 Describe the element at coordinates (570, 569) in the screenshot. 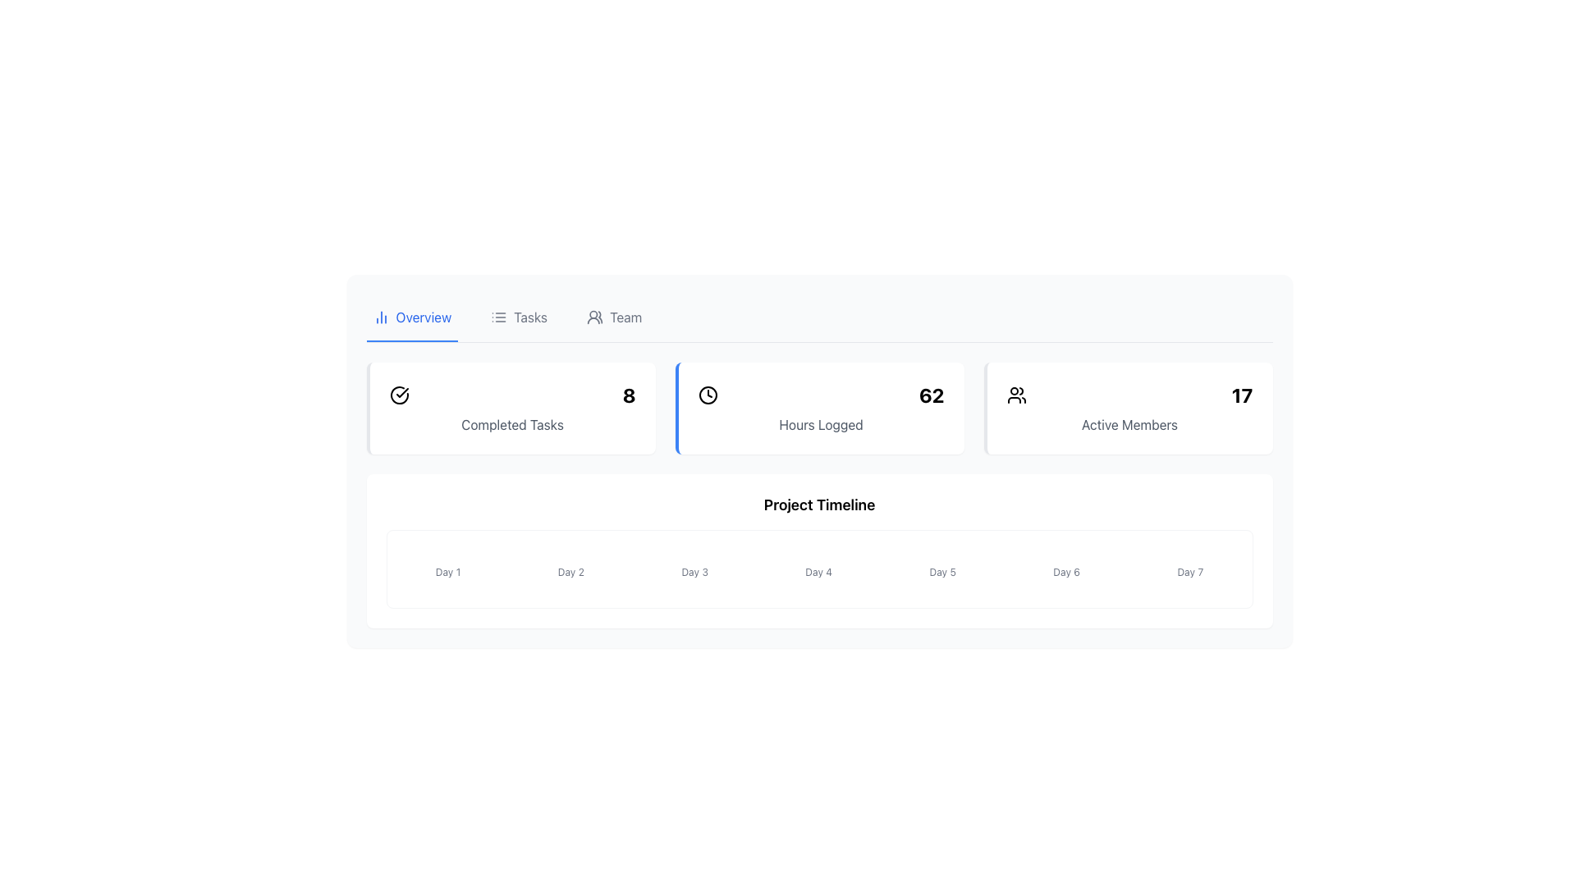

I see `the 'Day 2' label with a small blue circular indicator, which is positioned in the 'Project Timeline' section between 'Day 1' and 'Day 3'` at that location.